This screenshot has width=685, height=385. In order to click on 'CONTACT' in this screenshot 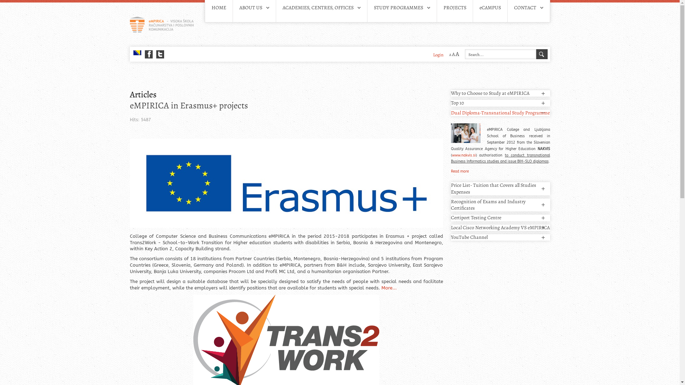, I will do `click(514, 8)`.